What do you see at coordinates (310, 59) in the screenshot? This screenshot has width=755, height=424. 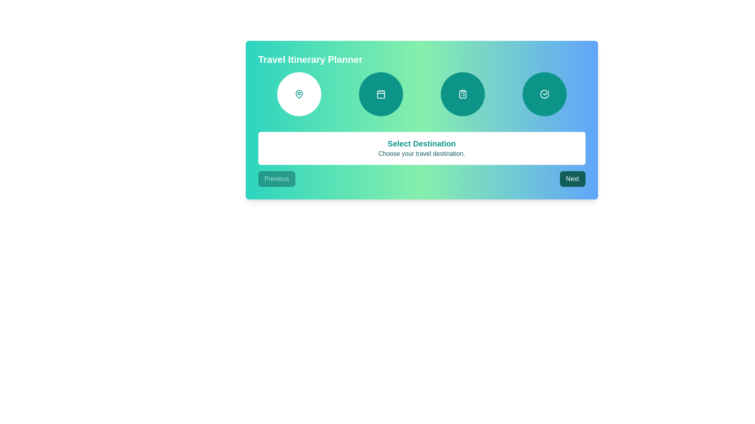 I see `the travel itinerary planner header text label, which serves as the title for the section or page` at bounding box center [310, 59].